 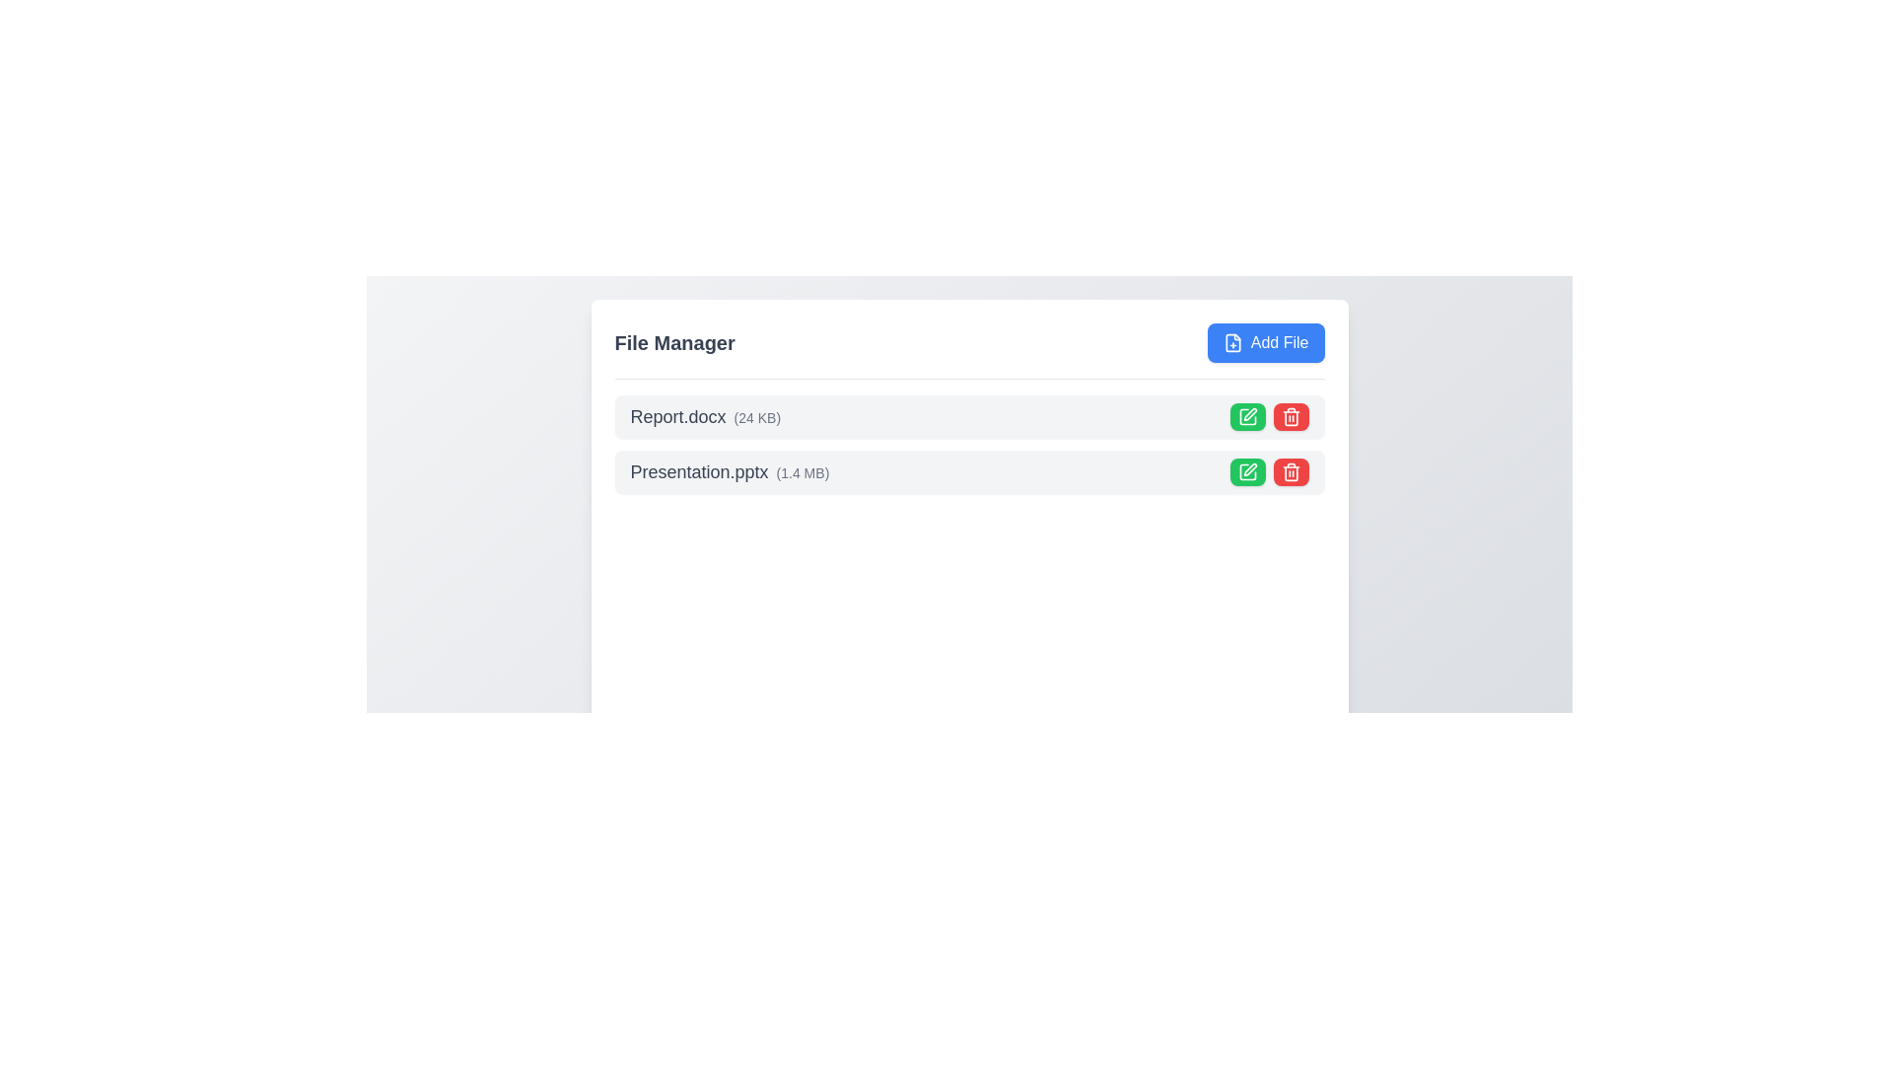 What do you see at coordinates (1246, 471) in the screenshot?
I see `the green pen icon button associated with the 'Presentation.pptx' file to initiate editing` at bounding box center [1246, 471].